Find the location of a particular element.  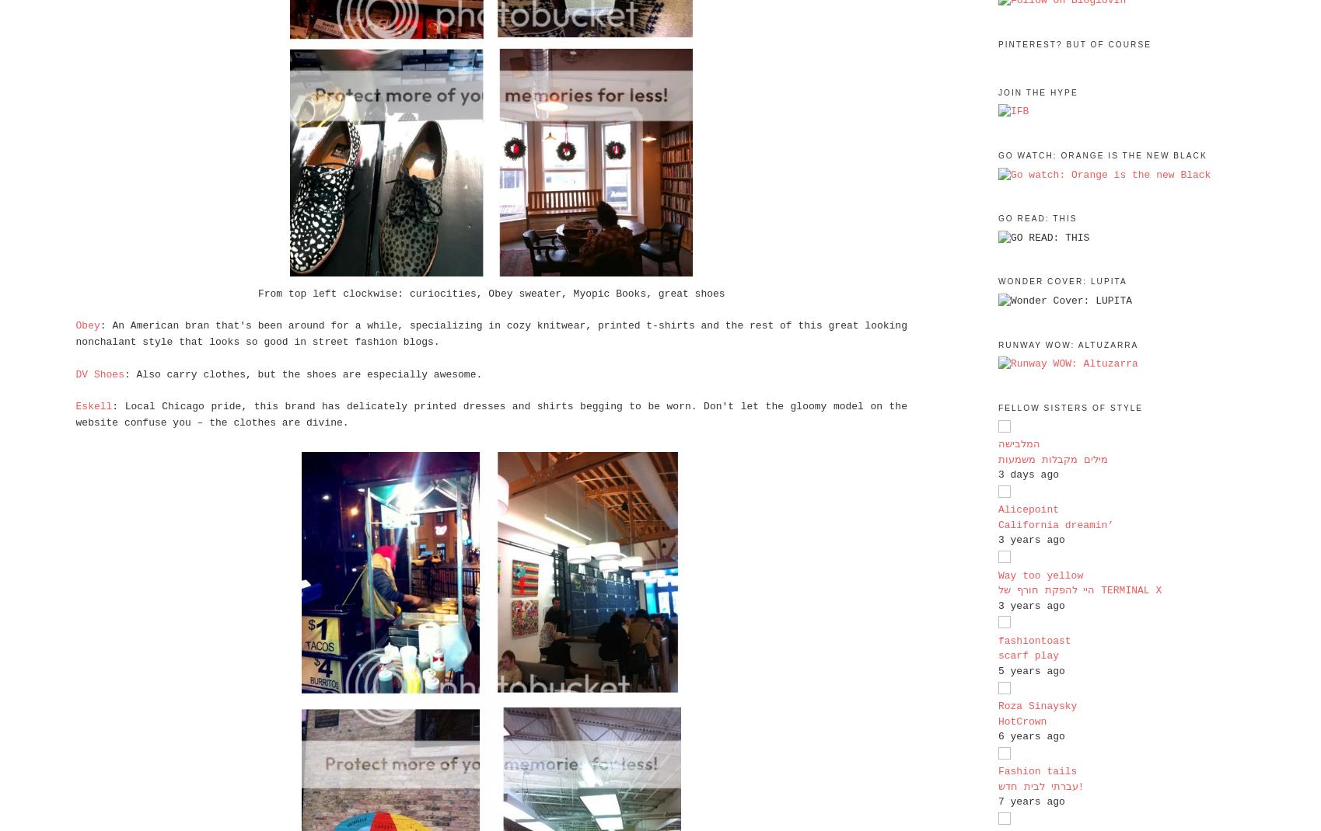

'GO READ: THIS' is located at coordinates (1037, 218).